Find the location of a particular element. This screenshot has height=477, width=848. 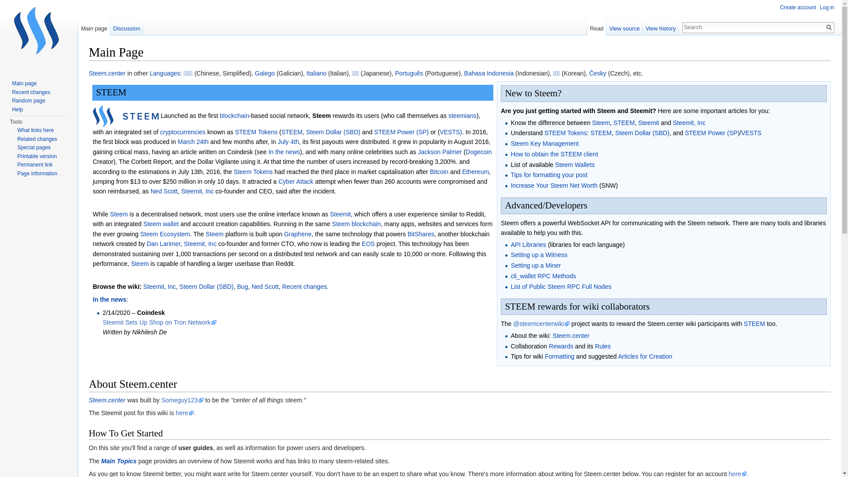

'View source' is located at coordinates (624, 26).